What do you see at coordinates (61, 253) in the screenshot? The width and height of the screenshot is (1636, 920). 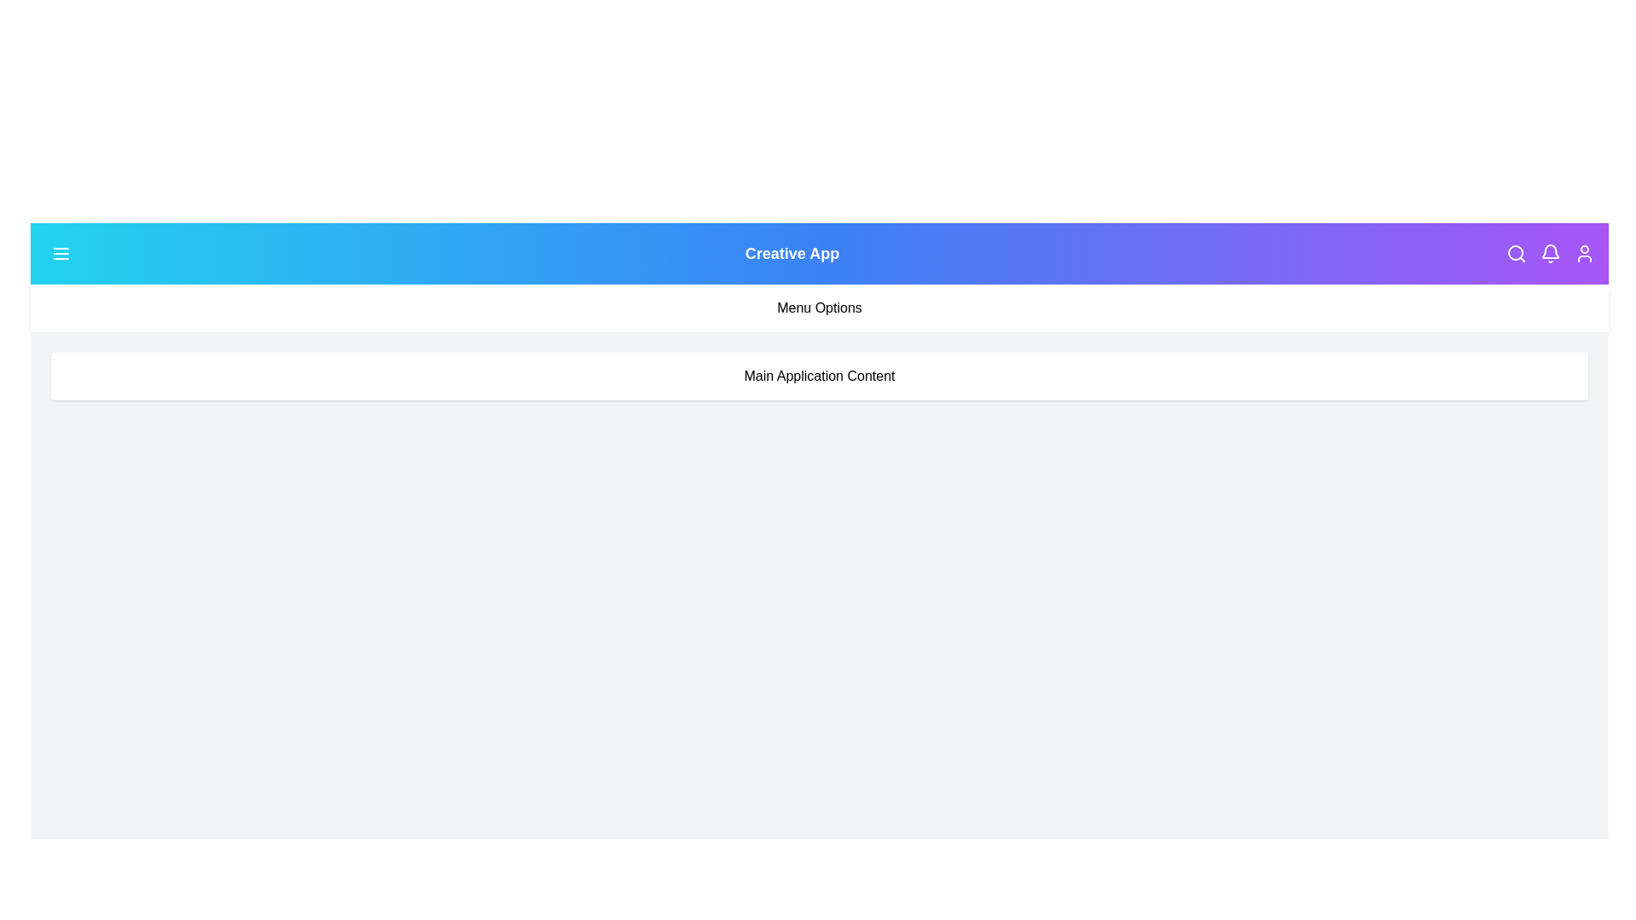 I see `the menu button to toggle the visibility of the menu` at bounding box center [61, 253].